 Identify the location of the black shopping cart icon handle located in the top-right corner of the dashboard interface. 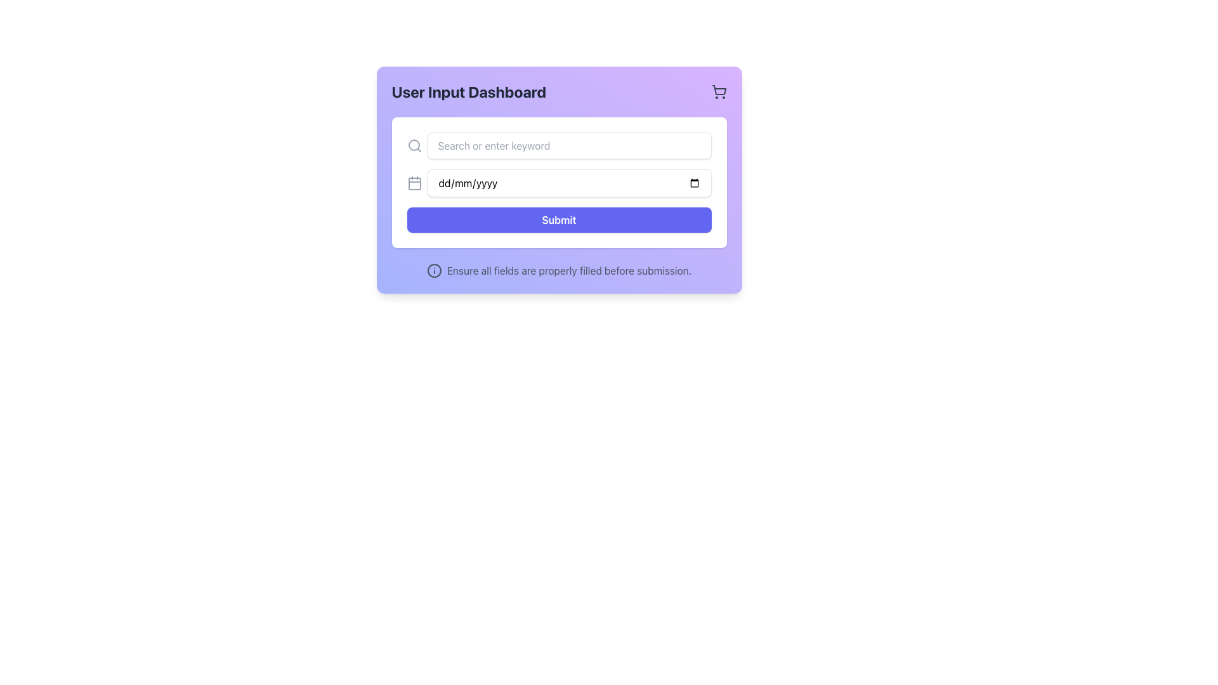
(719, 89).